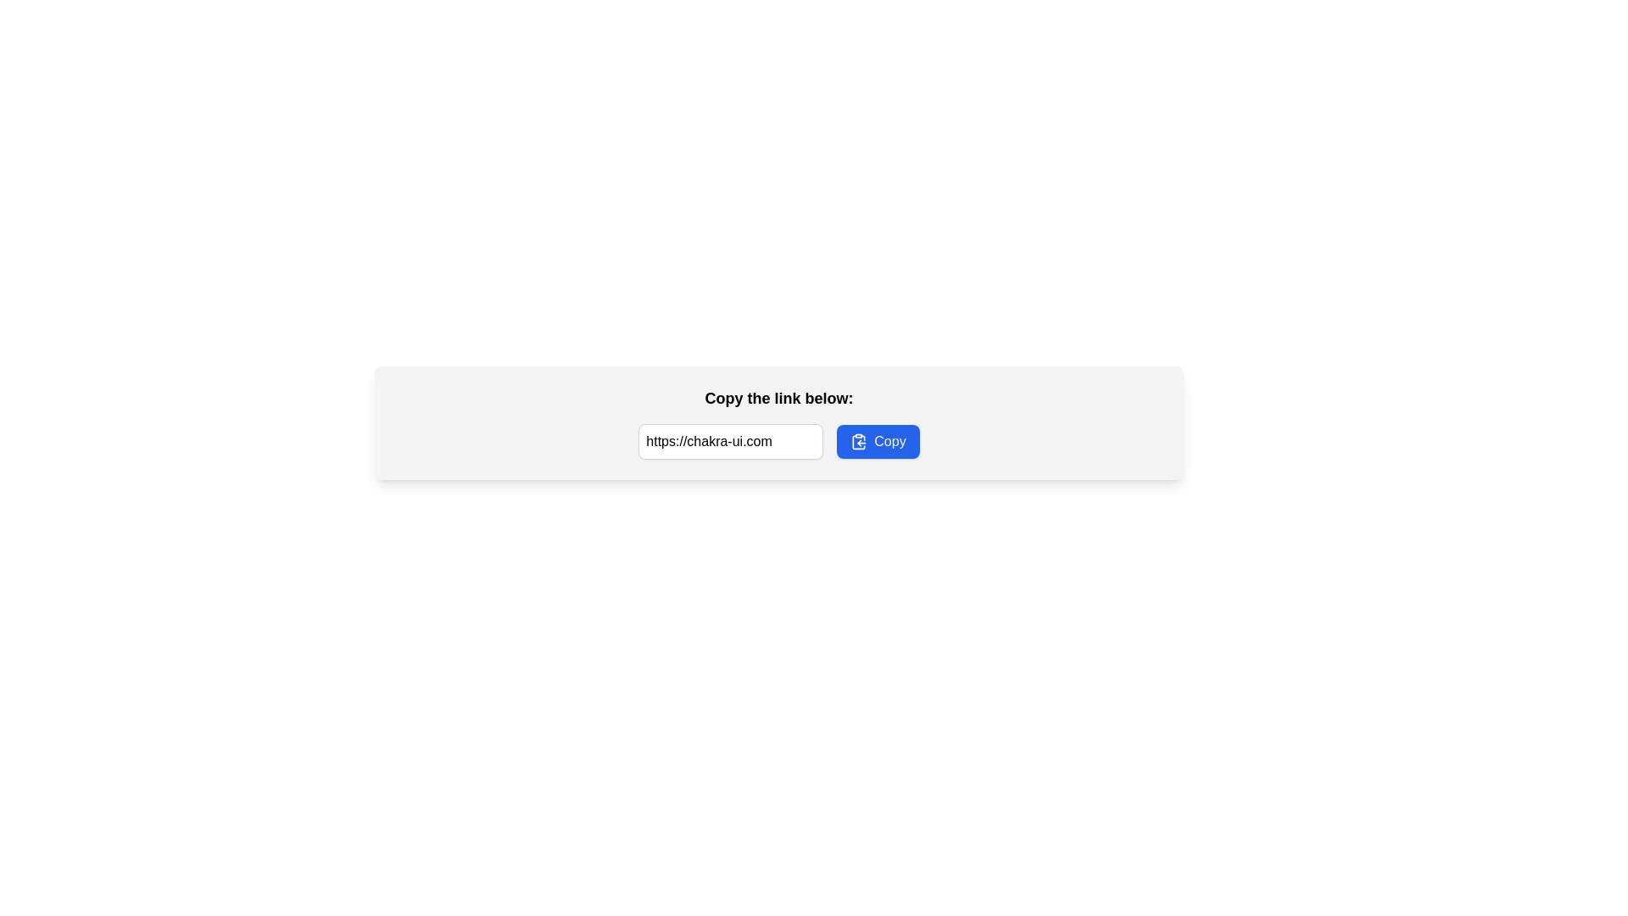  I want to click on the copy icon located inside the 'Copy' button, which is positioned to the left of the text within the button and on the right side of the text input field, so click(859, 440).